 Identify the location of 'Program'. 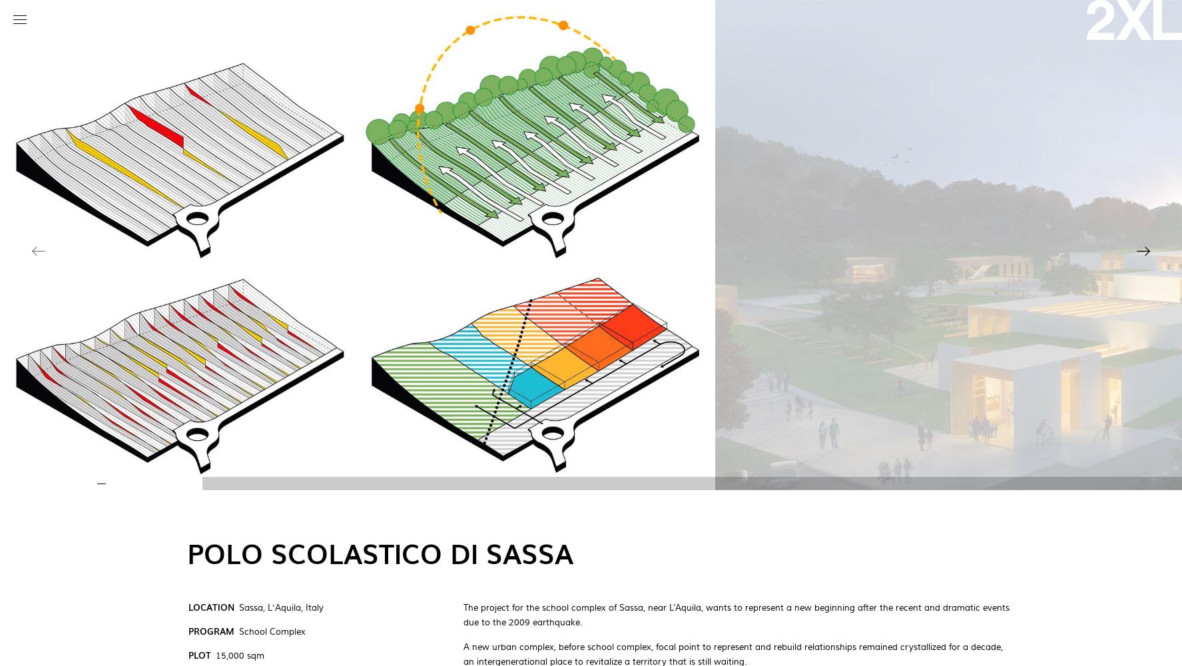
(210, 629).